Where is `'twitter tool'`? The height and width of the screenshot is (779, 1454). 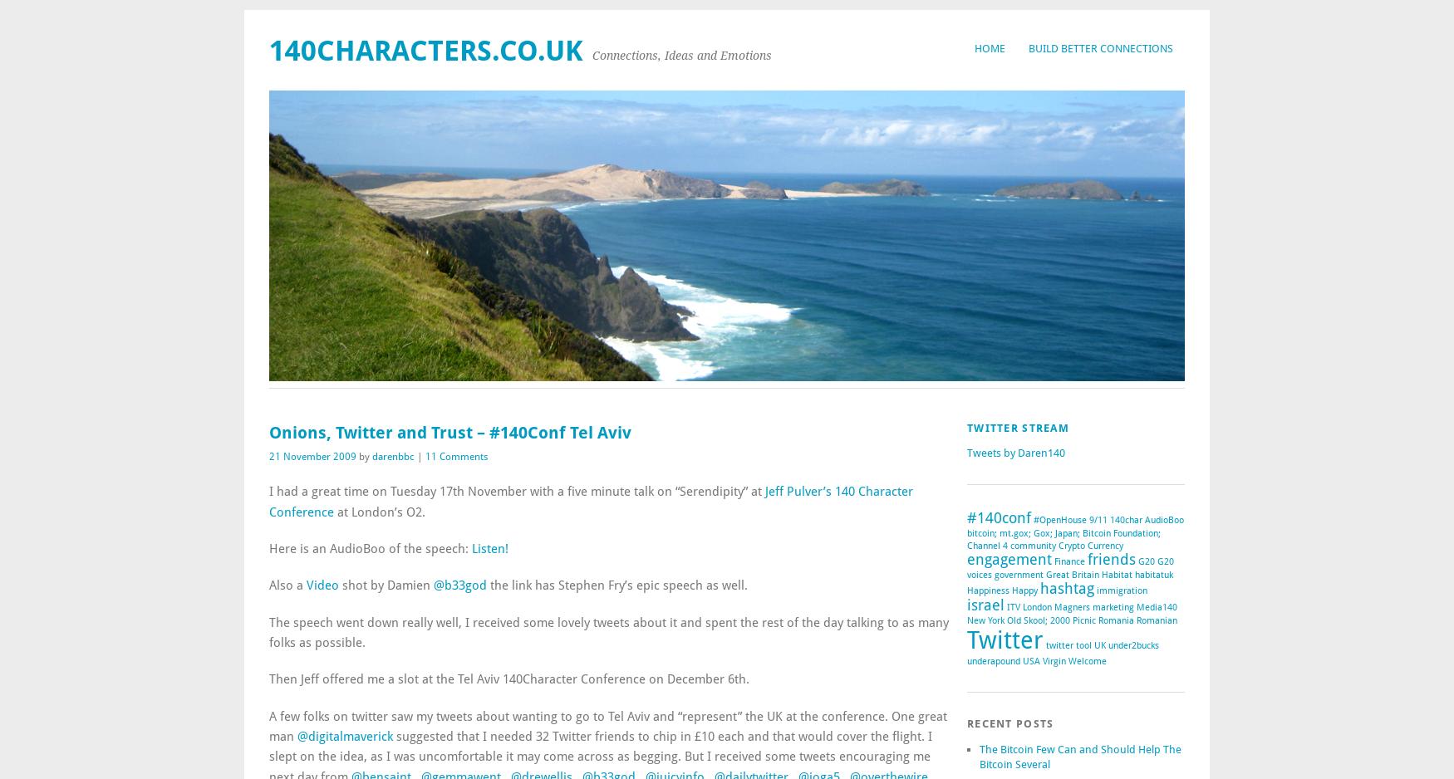 'twitter tool' is located at coordinates (1068, 644).